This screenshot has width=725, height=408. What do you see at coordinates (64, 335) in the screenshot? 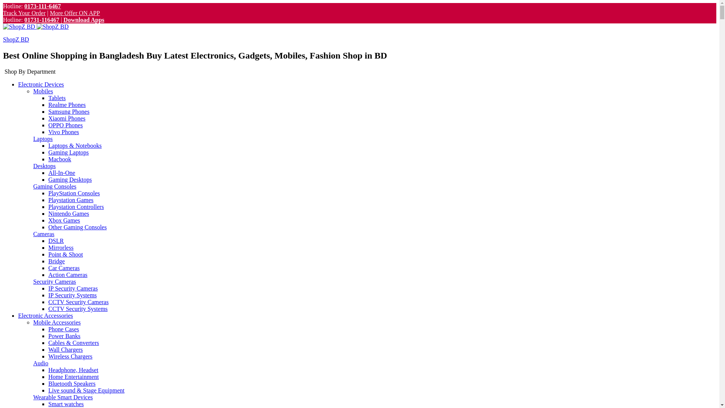
I see `'Power Banks'` at bounding box center [64, 335].